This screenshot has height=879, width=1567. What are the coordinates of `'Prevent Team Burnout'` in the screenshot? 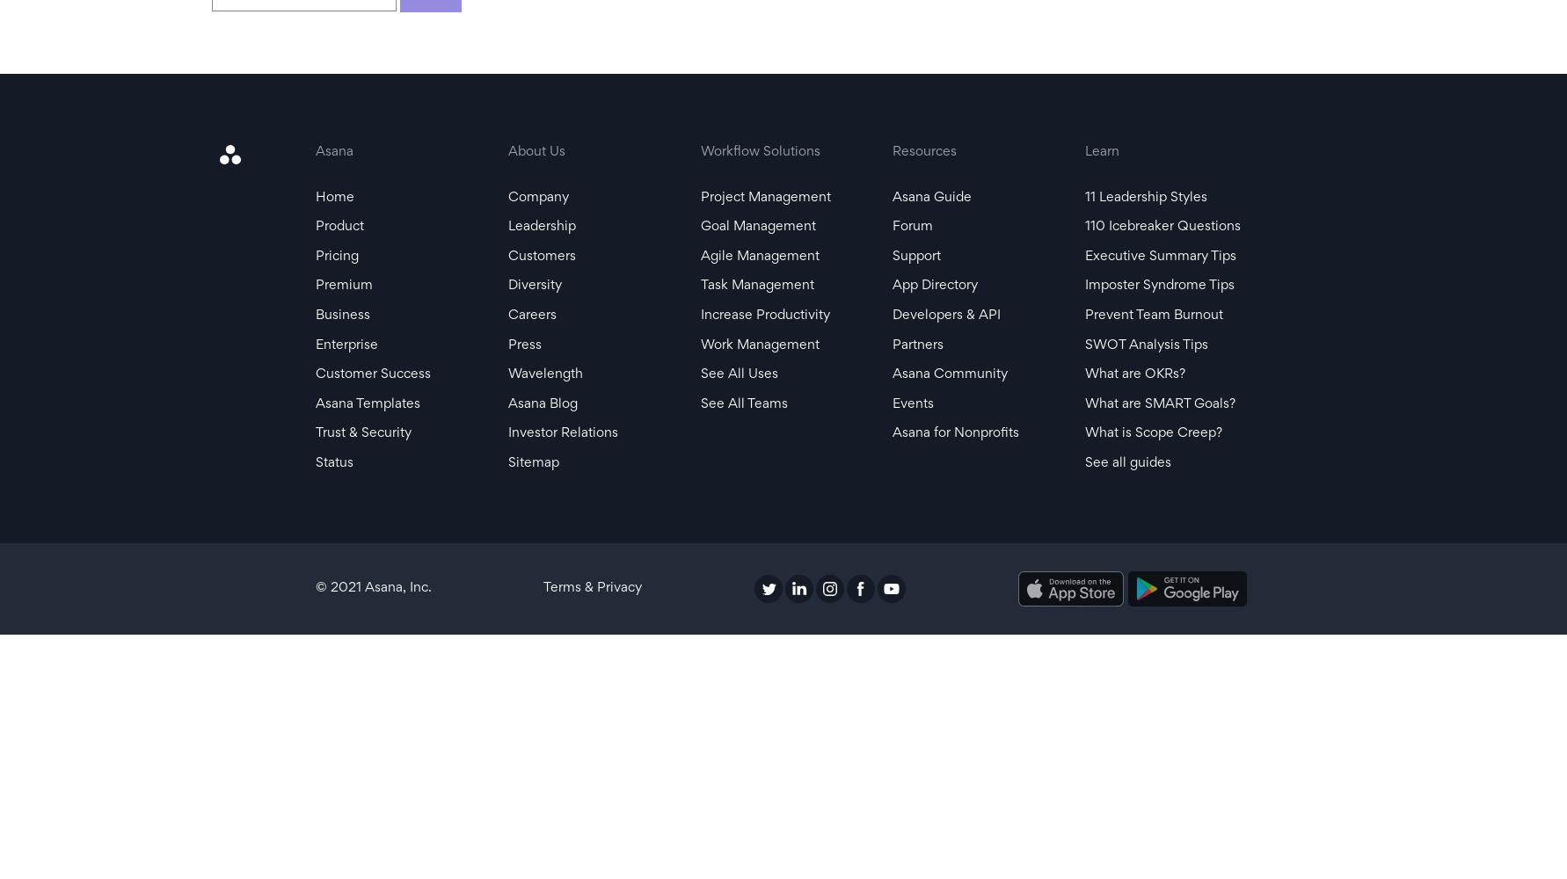 It's located at (1153, 314).